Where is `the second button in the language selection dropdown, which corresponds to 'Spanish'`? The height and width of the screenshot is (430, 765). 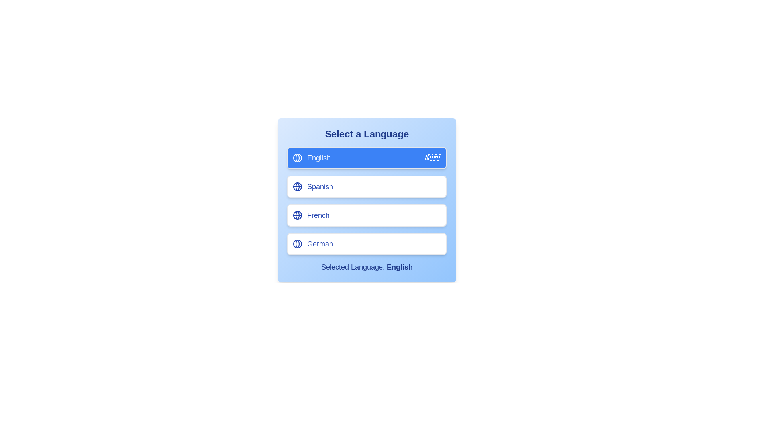 the second button in the language selection dropdown, which corresponds to 'Spanish' is located at coordinates (367, 199).